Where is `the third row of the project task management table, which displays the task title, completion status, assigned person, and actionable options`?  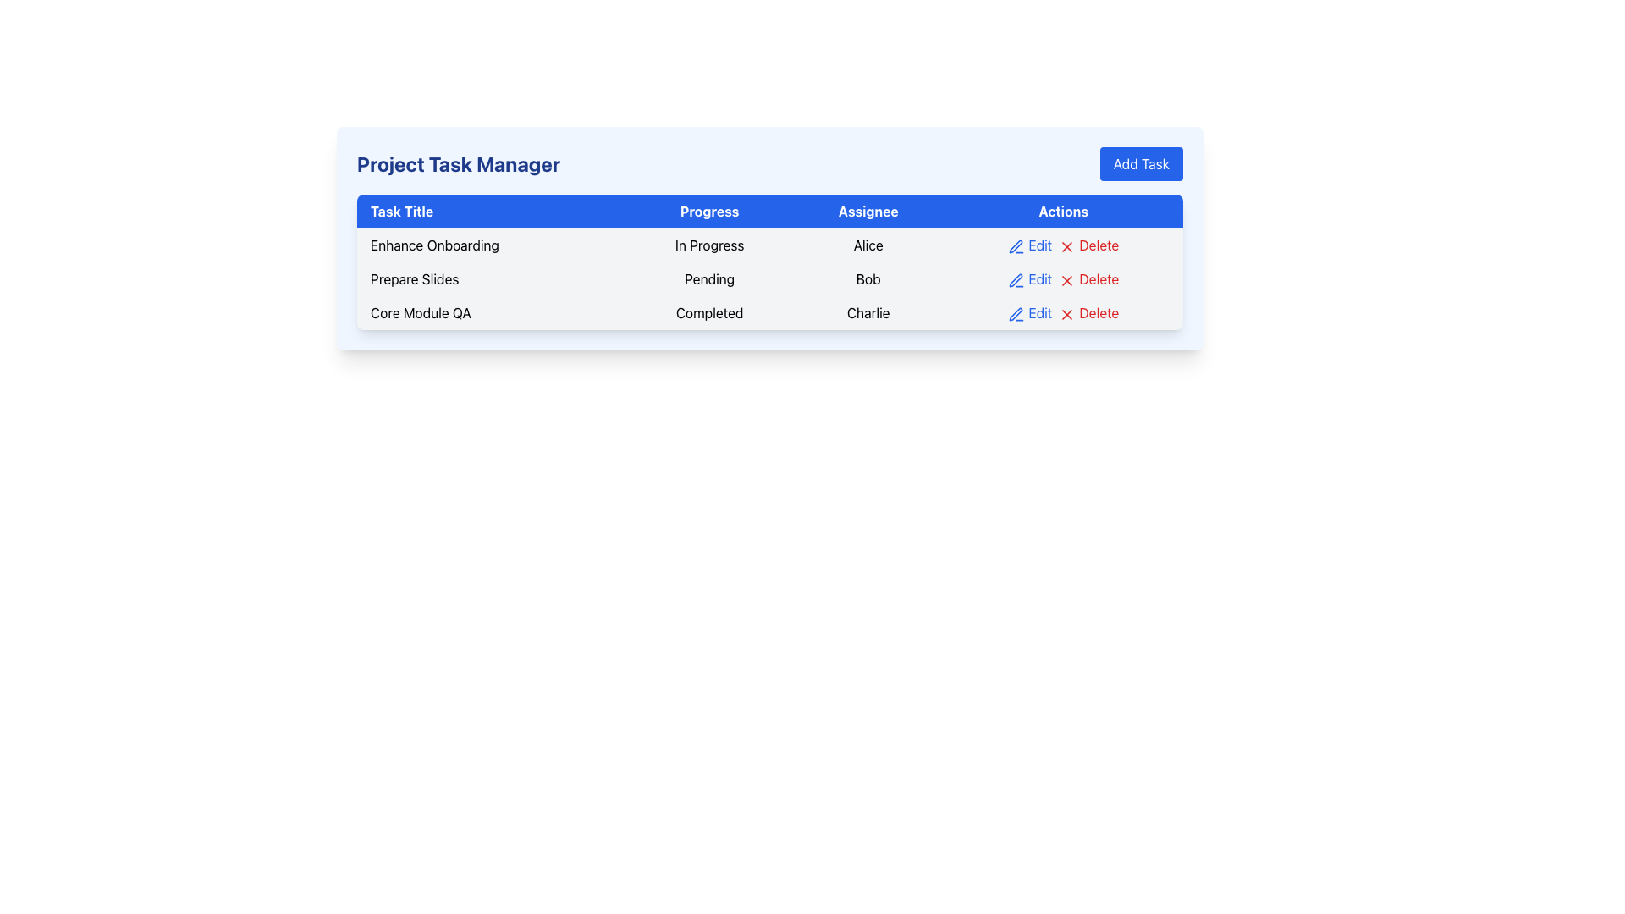
the third row of the project task management table, which displays the task title, completion status, assigned person, and actionable options is located at coordinates (769, 313).